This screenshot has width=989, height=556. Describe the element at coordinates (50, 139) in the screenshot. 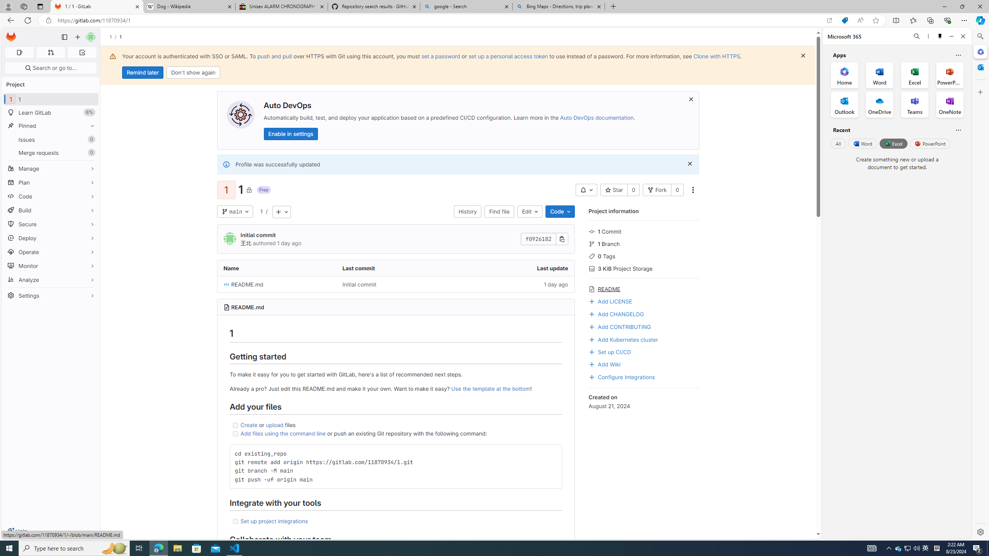

I see `'Issues 0'` at that location.